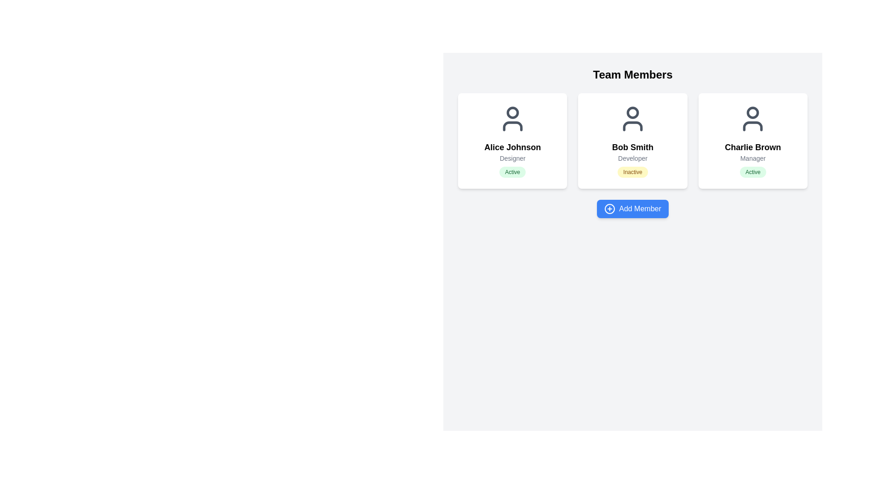 The width and height of the screenshot is (883, 496). What do you see at coordinates (512, 147) in the screenshot?
I see `the Text Label displaying 'Alice Johnson' that identifies the person in the middle card of the 'Team Members' section` at bounding box center [512, 147].